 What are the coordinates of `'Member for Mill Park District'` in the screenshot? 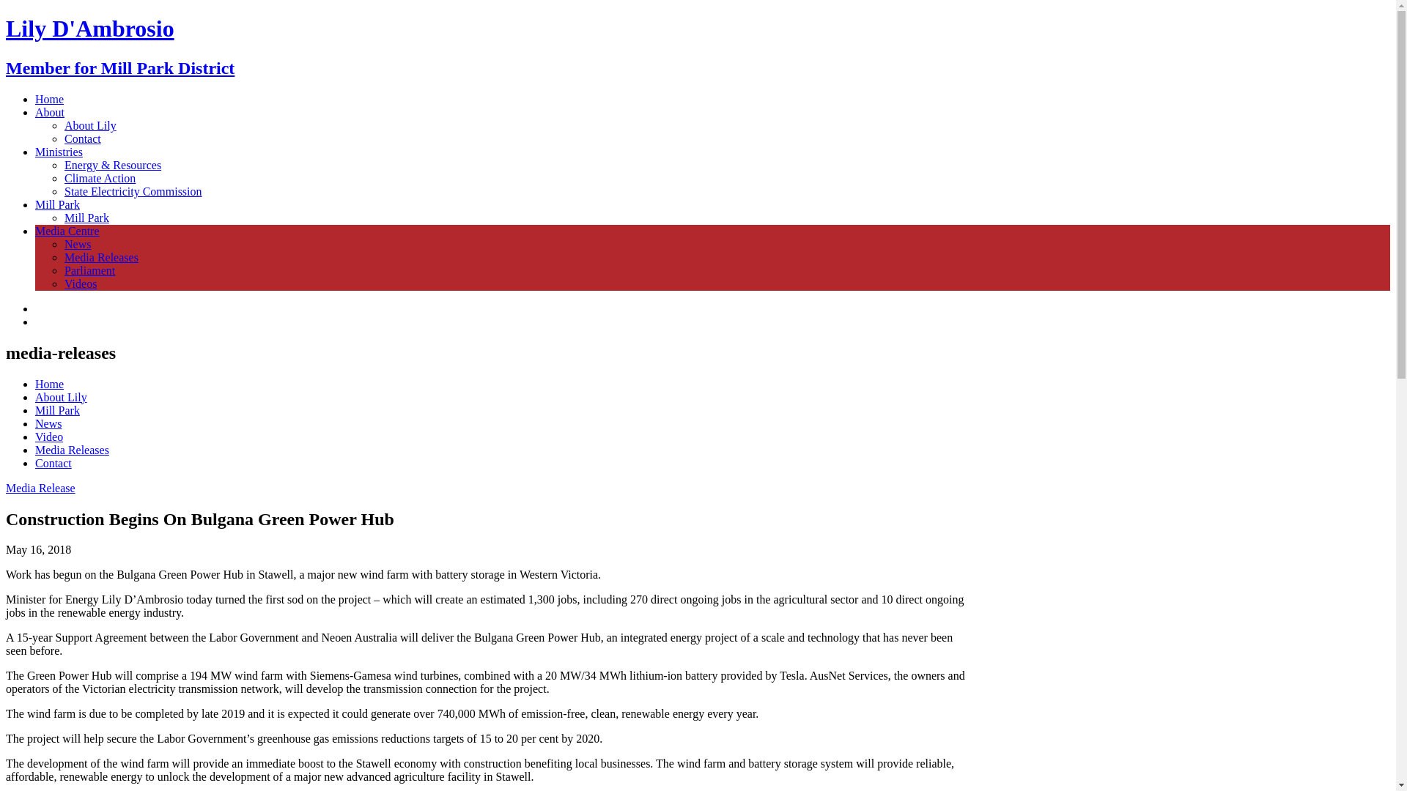 It's located at (6, 67).